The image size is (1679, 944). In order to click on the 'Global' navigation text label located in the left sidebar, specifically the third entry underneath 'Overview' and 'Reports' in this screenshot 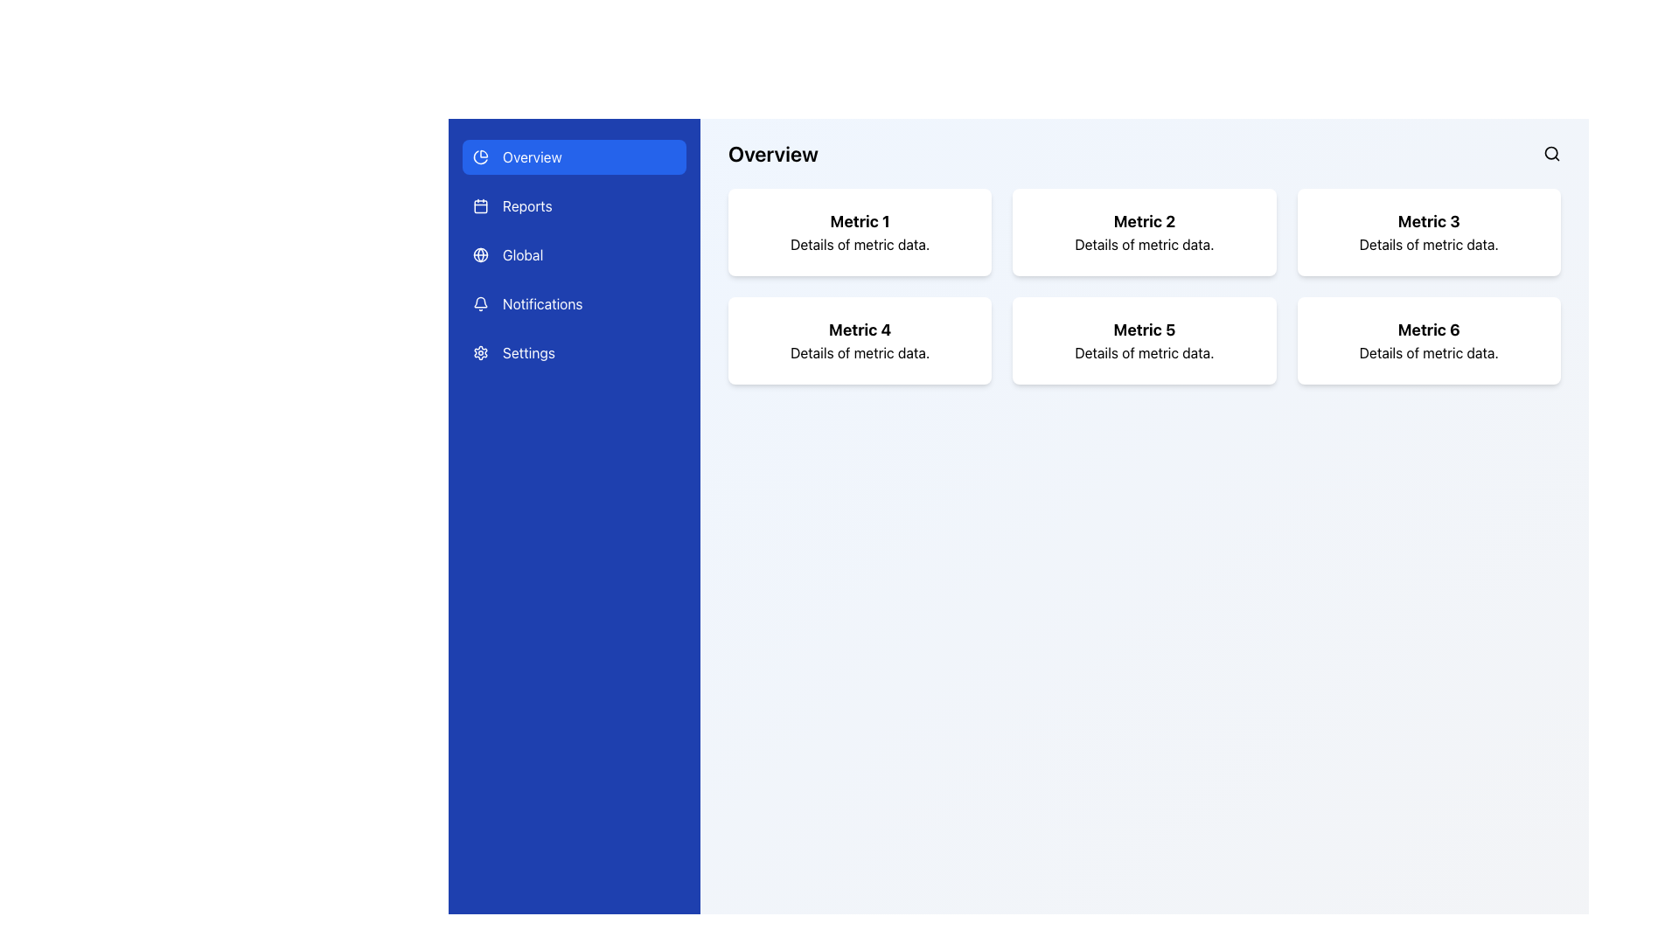, I will do `click(522, 255)`.